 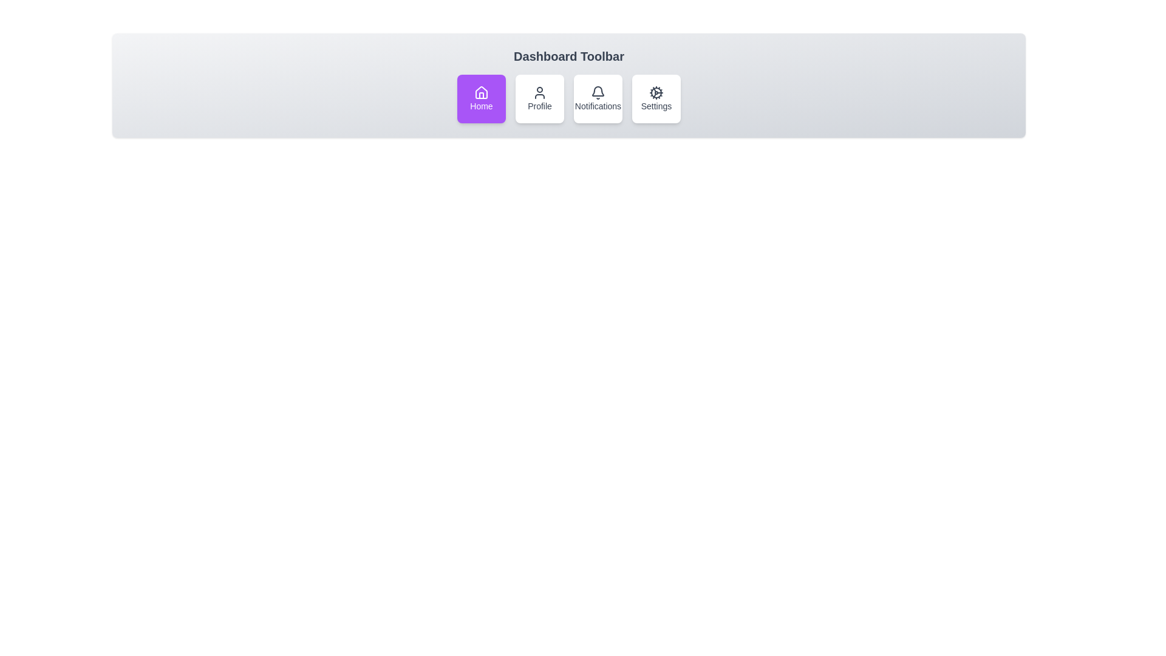 I want to click on the toolbar item labeled Settings, so click(x=655, y=98).